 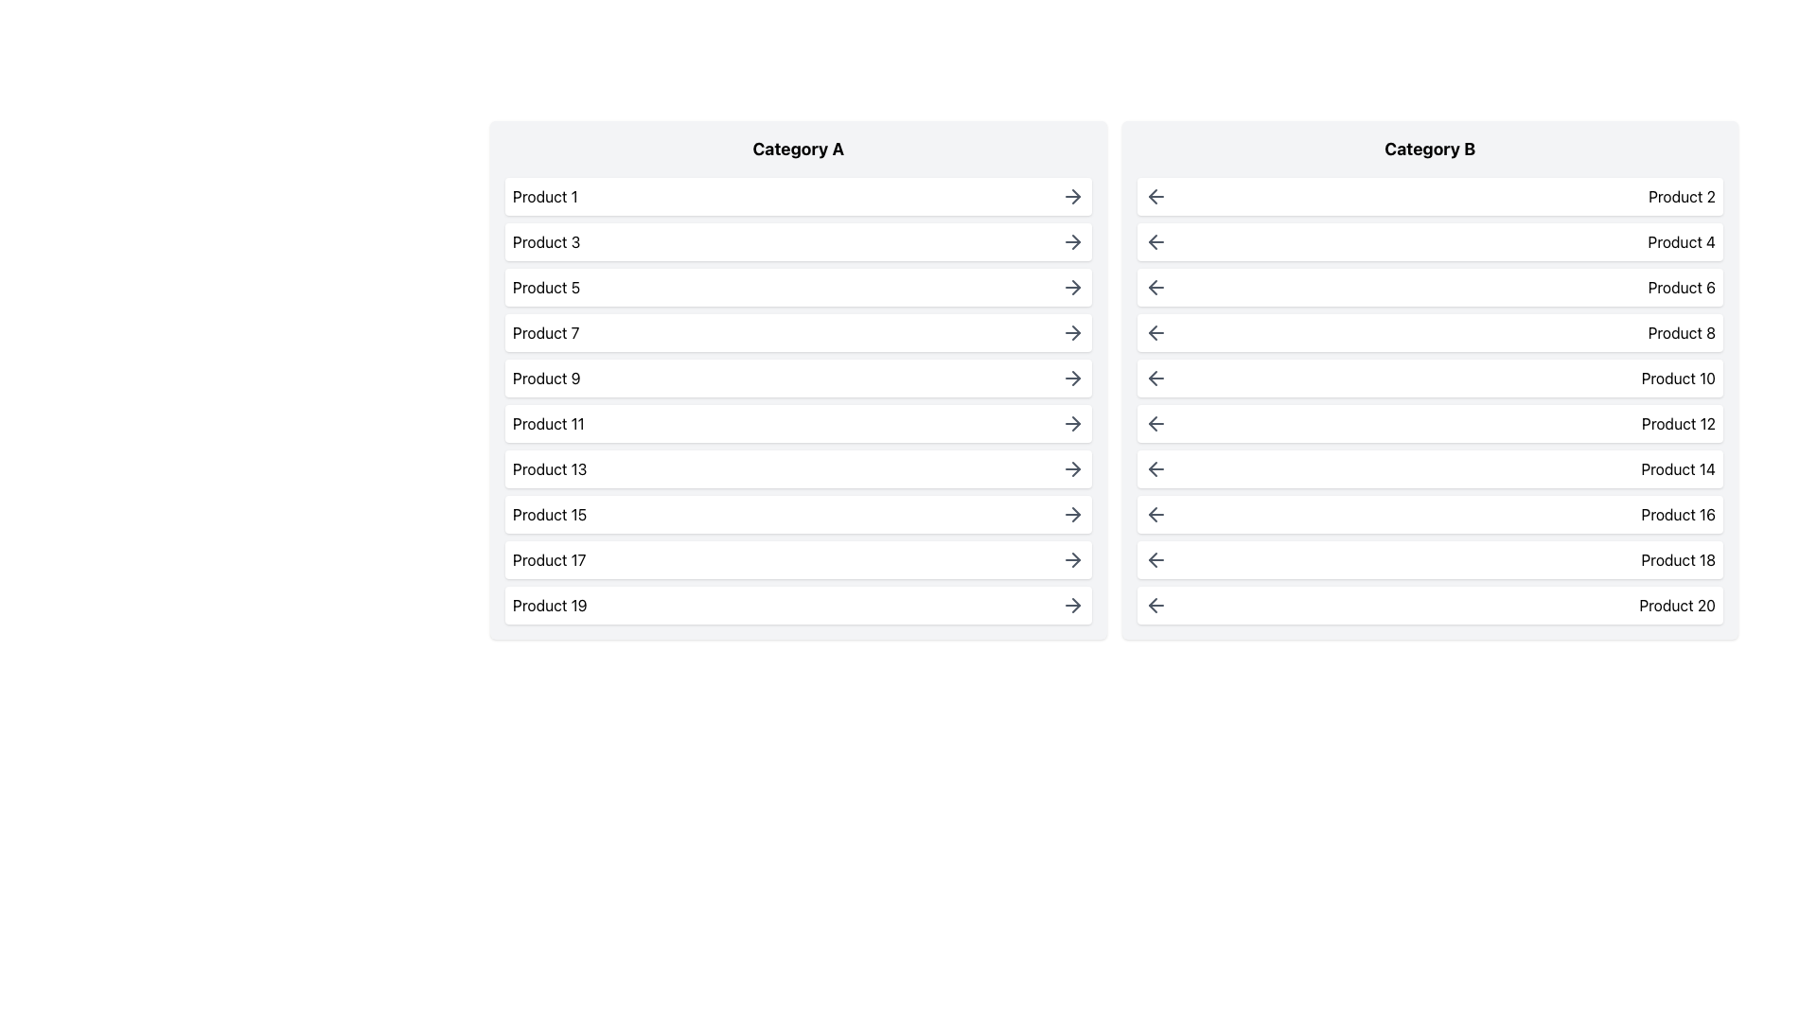 What do you see at coordinates (1678, 514) in the screenshot?
I see `the text label that displays 'Product 16', located in the 'Category B' list, at the 8th position from the top, aligned to the right edge` at bounding box center [1678, 514].